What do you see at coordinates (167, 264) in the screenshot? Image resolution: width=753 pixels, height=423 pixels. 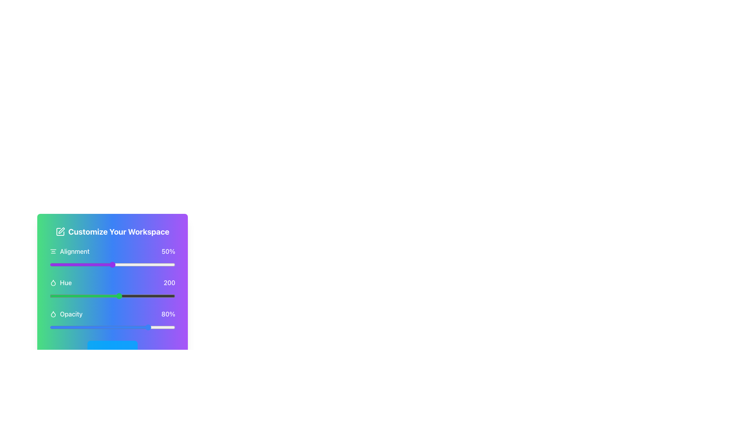 I see `the alignment percentage` at bounding box center [167, 264].